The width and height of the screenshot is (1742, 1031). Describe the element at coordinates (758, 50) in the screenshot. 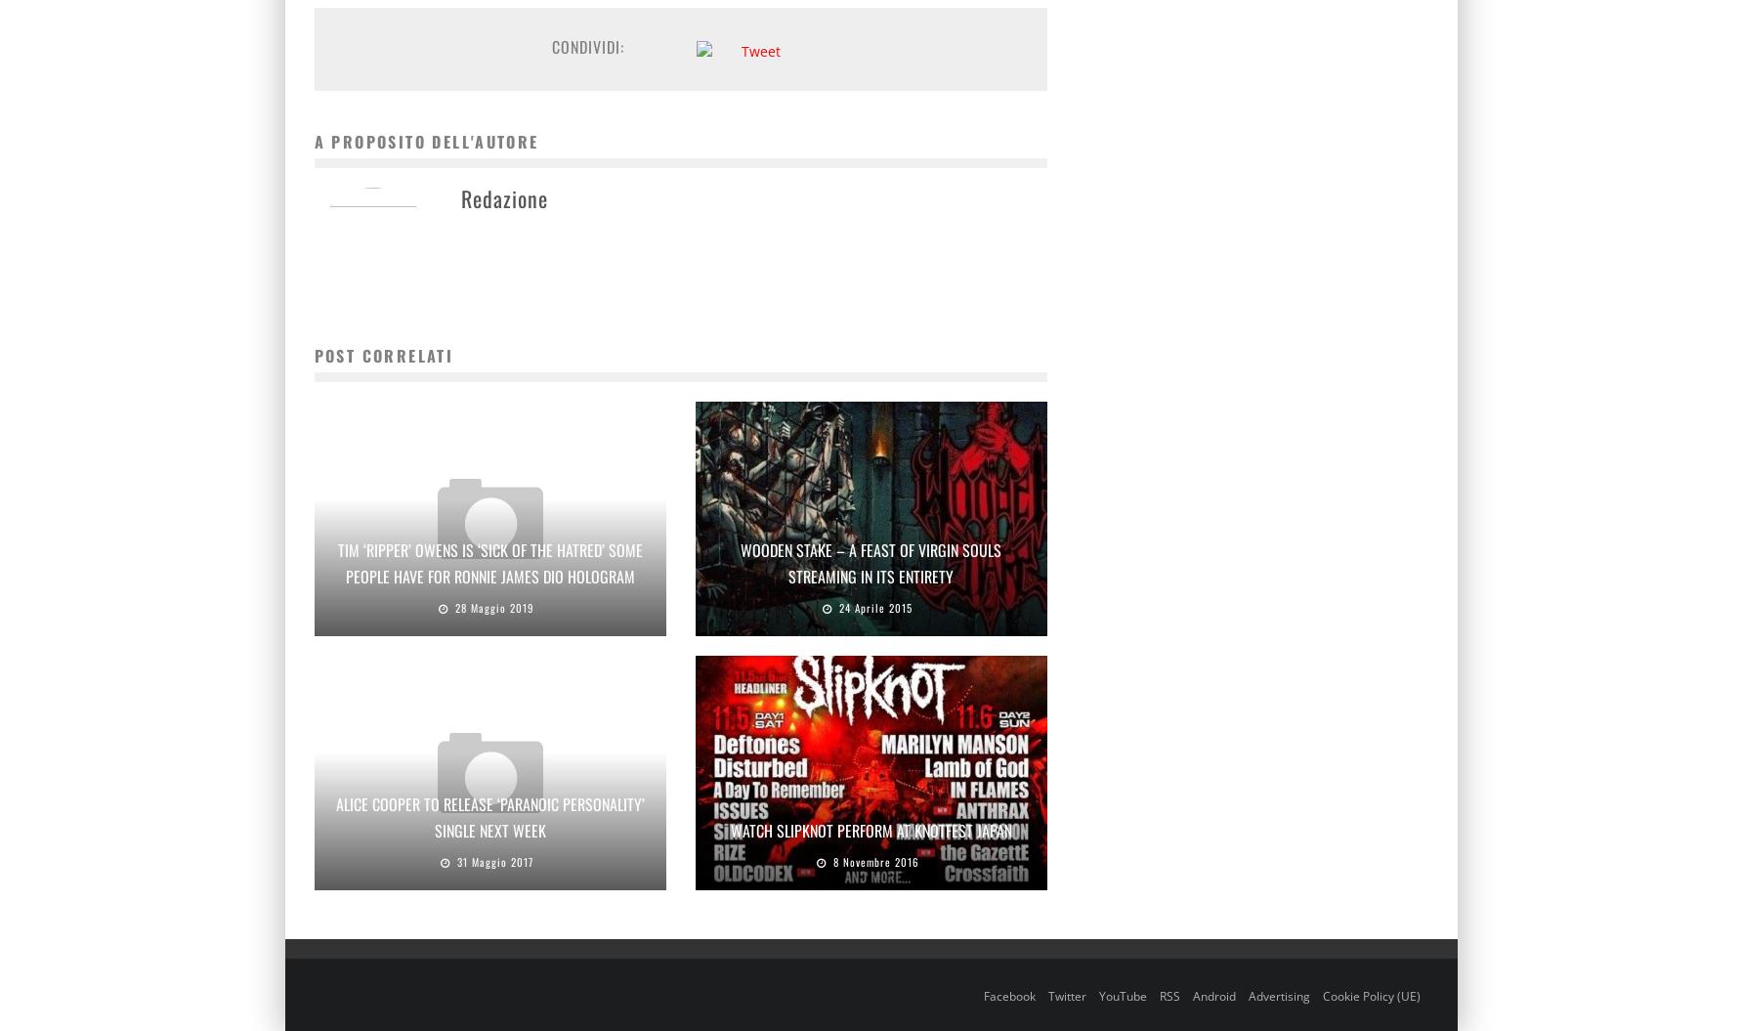

I see `'Tweet'` at that location.